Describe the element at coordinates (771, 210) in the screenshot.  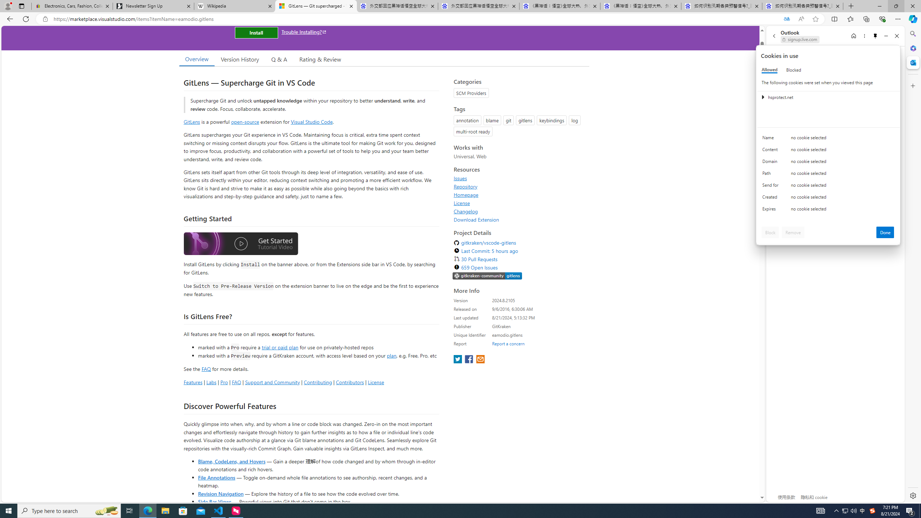
I see `'Expires'` at that location.